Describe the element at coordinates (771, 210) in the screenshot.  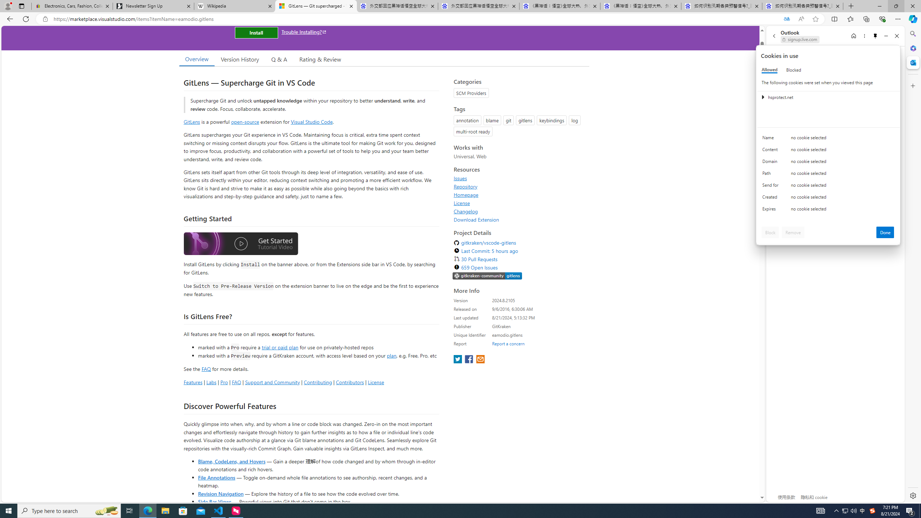
I see `'Expires'` at that location.